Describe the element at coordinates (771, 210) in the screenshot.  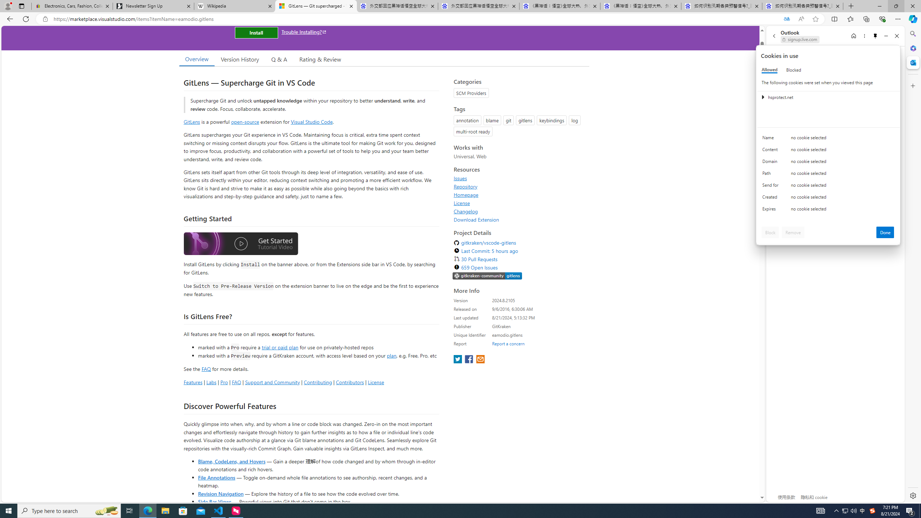
I see `'Expires'` at that location.